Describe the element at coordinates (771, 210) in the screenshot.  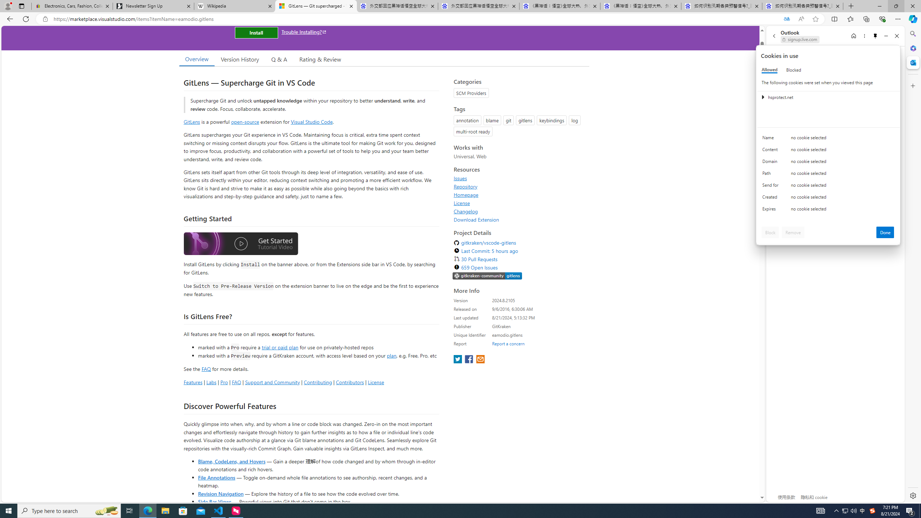
I see `'Expires'` at that location.